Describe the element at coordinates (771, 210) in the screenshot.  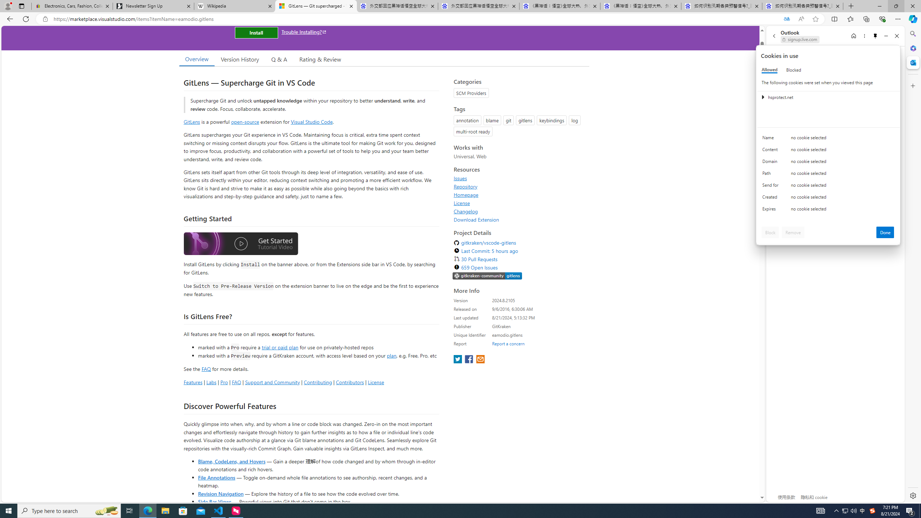
I see `'Expires'` at that location.